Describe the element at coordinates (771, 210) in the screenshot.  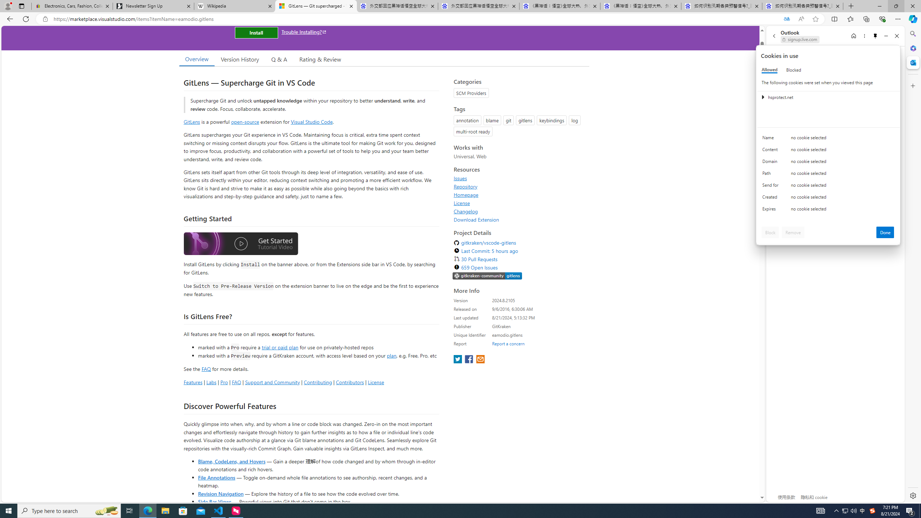
I see `'Expires'` at that location.